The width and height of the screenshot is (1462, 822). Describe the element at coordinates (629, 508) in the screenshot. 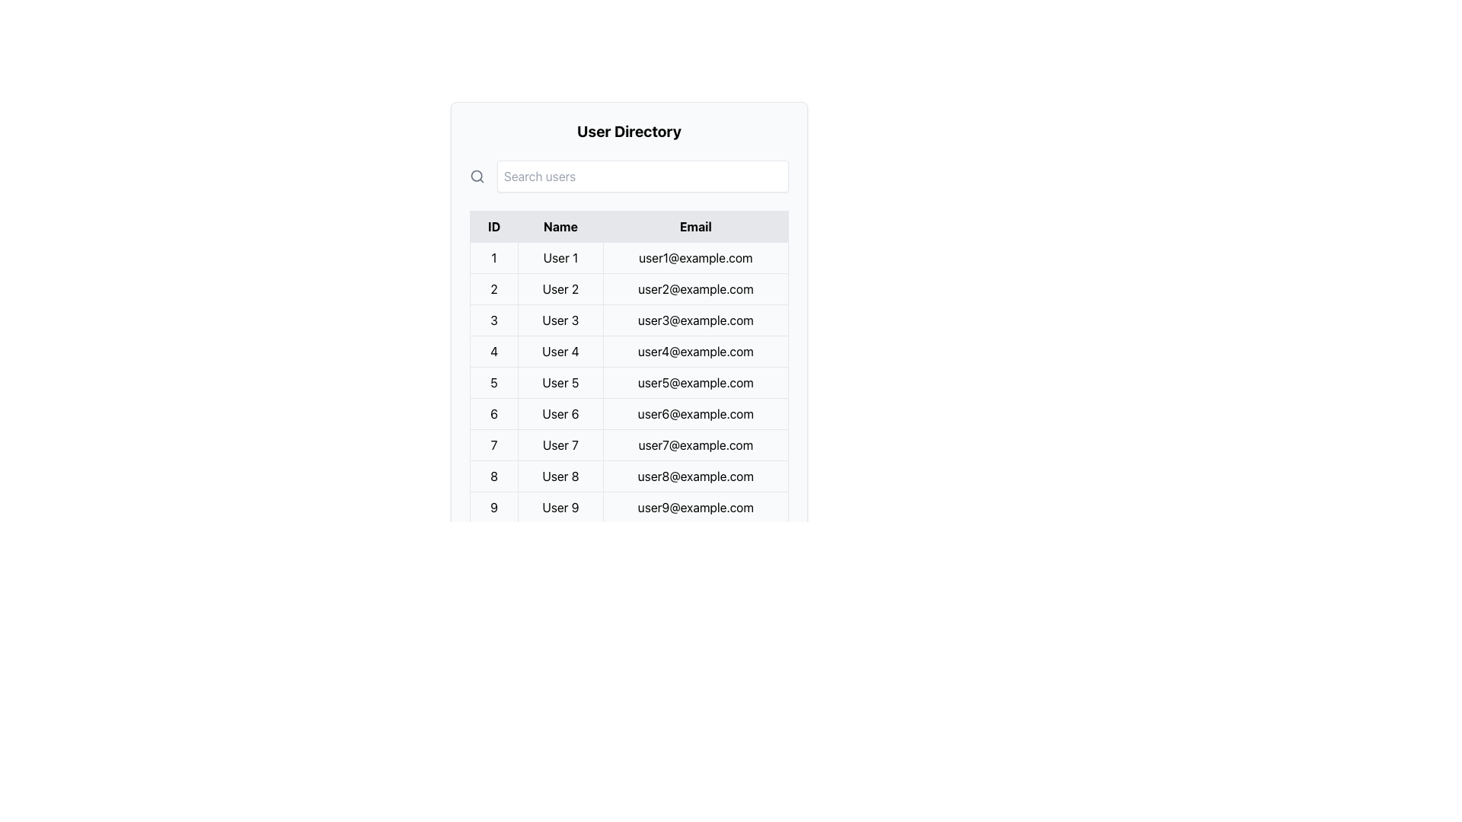

I see `the tabular row presenting information for 'User 9', which includes their ID, name, and email address` at that location.